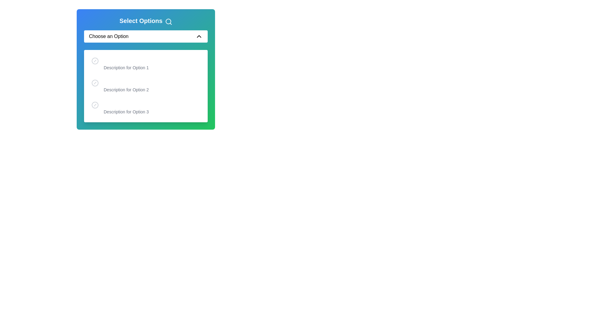 The height and width of the screenshot is (331, 589). Describe the element at coordinates (95, 60) in the screenshot. I see `the icon that indicates an unavailable or deactivated option, located to the left of the text description for 'Option 1'` at that location.